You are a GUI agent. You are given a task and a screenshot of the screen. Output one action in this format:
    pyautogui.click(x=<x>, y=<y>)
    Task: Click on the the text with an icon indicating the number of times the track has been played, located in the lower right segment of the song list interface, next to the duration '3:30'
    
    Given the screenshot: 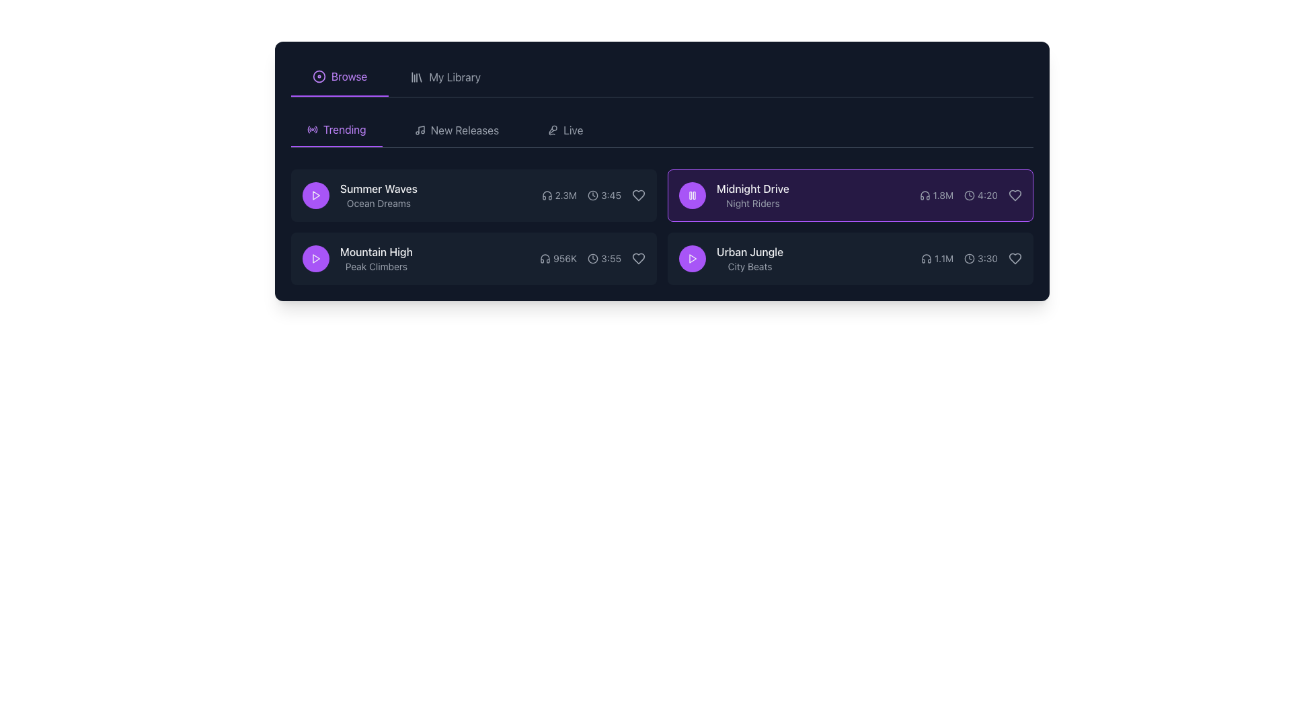 What is the action you would take?
    pyautogui.click(x=937, y=259)
    